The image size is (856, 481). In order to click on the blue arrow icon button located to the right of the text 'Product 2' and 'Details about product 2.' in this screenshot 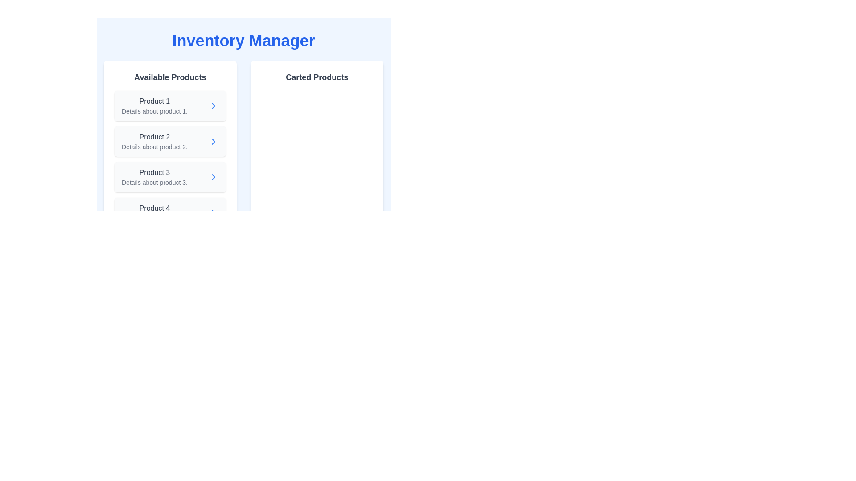, I will do `click(213, 141)`.